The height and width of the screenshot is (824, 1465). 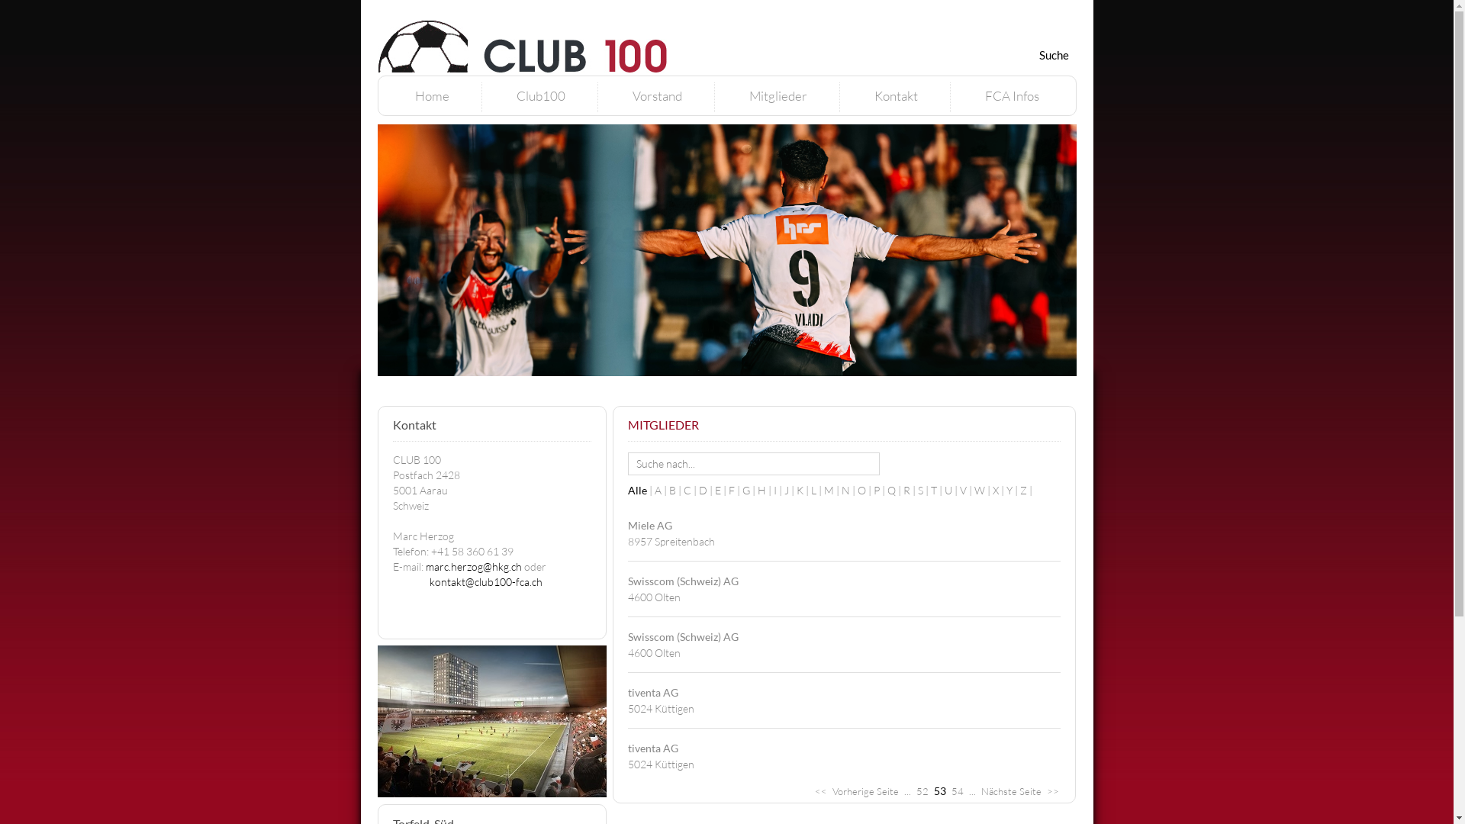 What do you see at coordinates (966, 490) in the screenshot?
I see `'V'` at bounding box center [966, 490].